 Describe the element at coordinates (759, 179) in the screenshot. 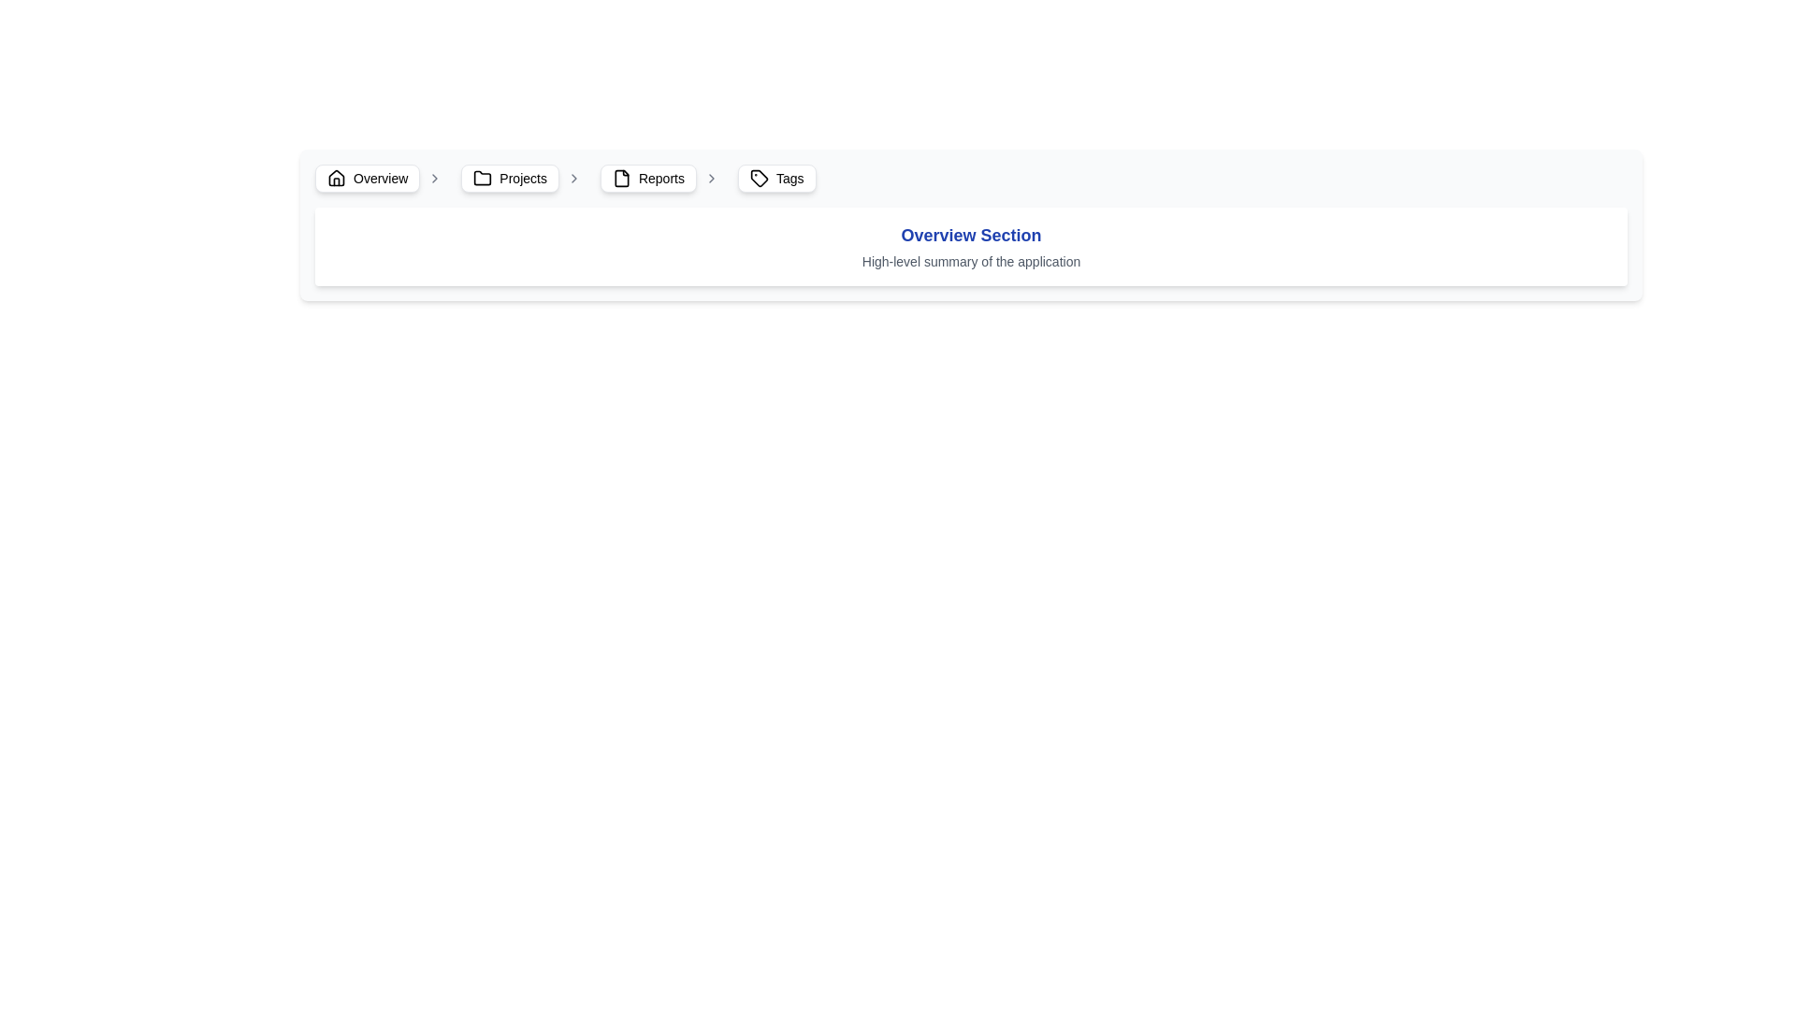

I see `the black stylized geometric tag icon in the breadcrumb navigation bar, which follows the 'Reports' label and represents the 'Tags' button` at that location.